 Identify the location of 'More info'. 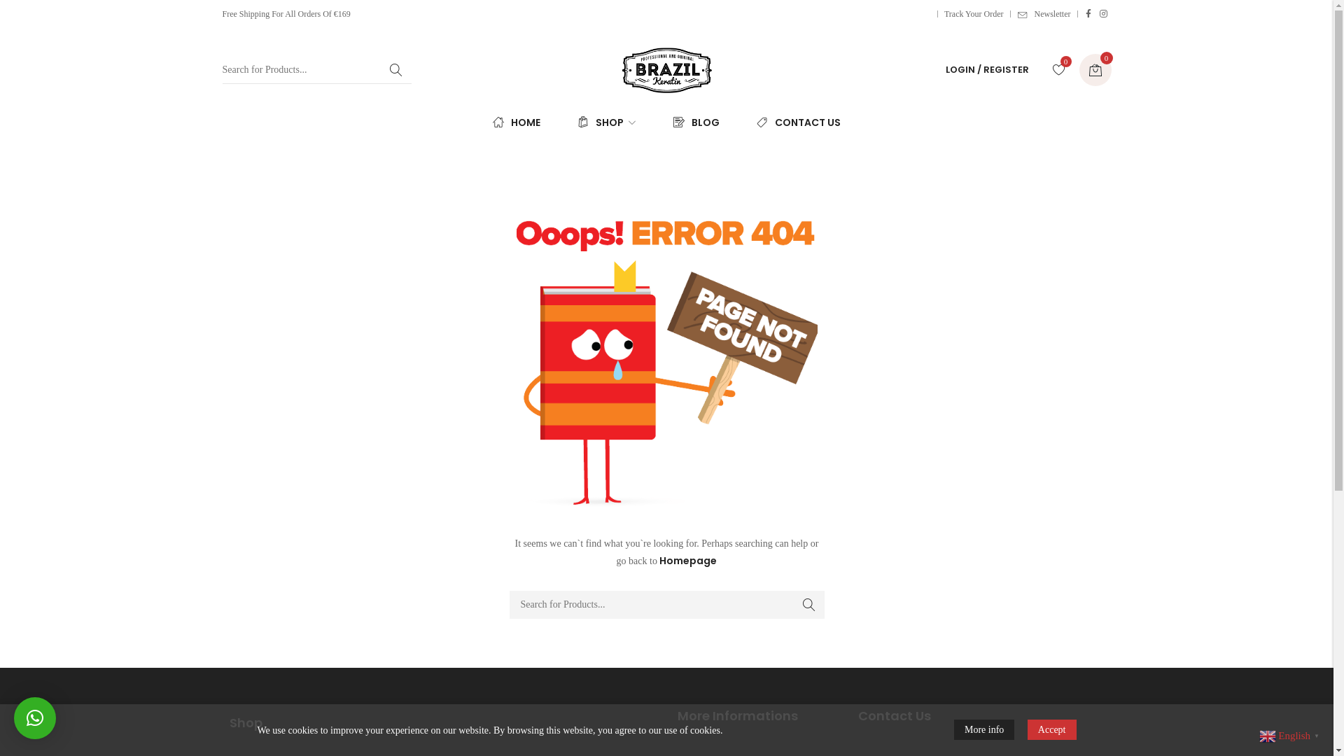
(983, 729).